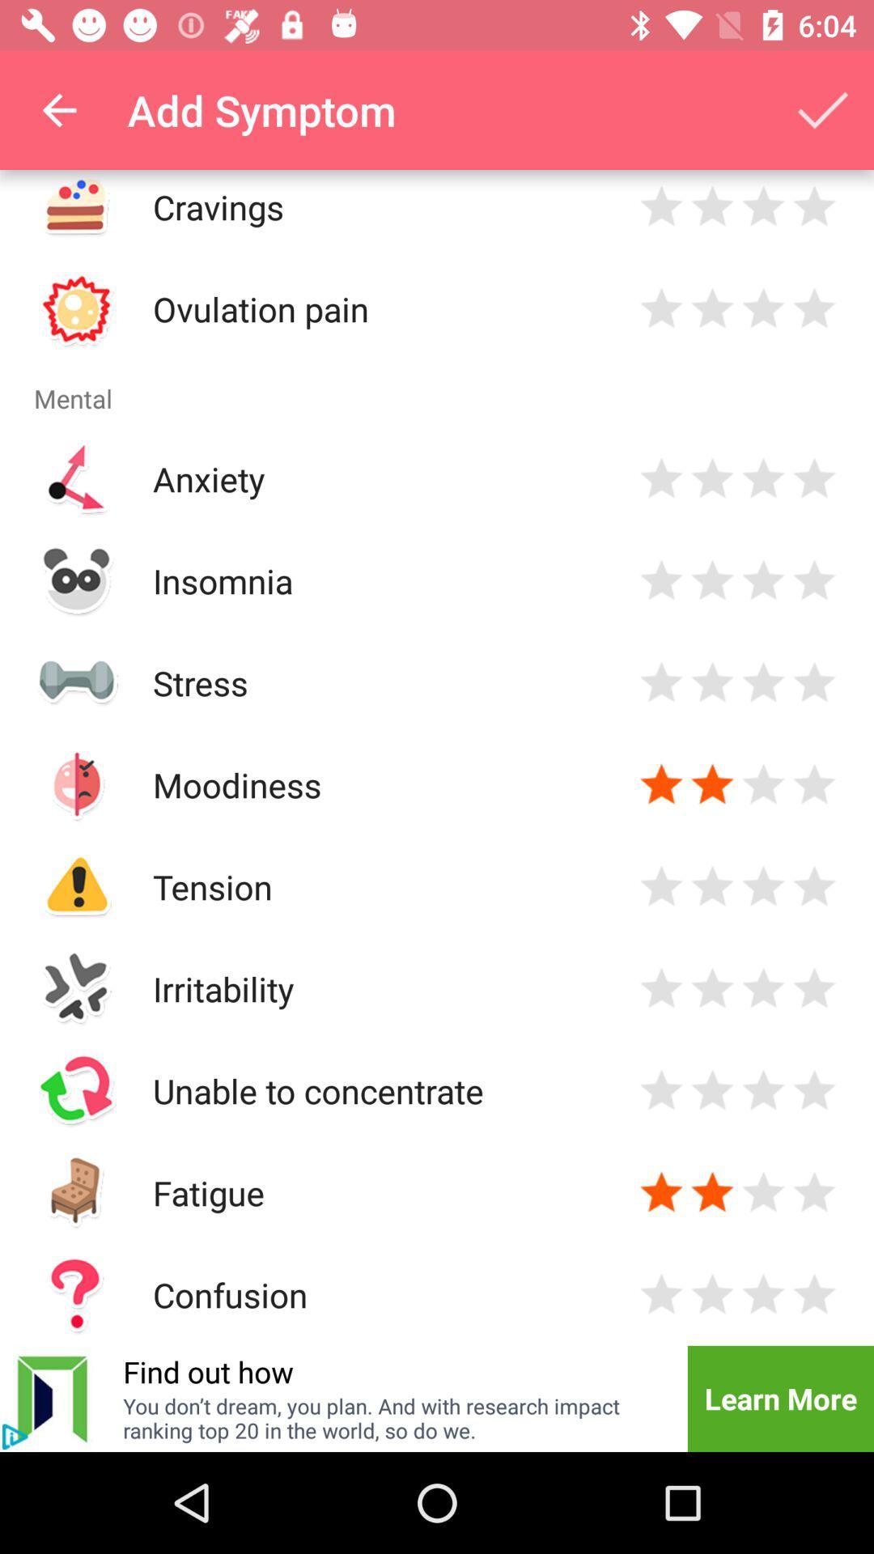  I want to click on rating, so click(661, 206).